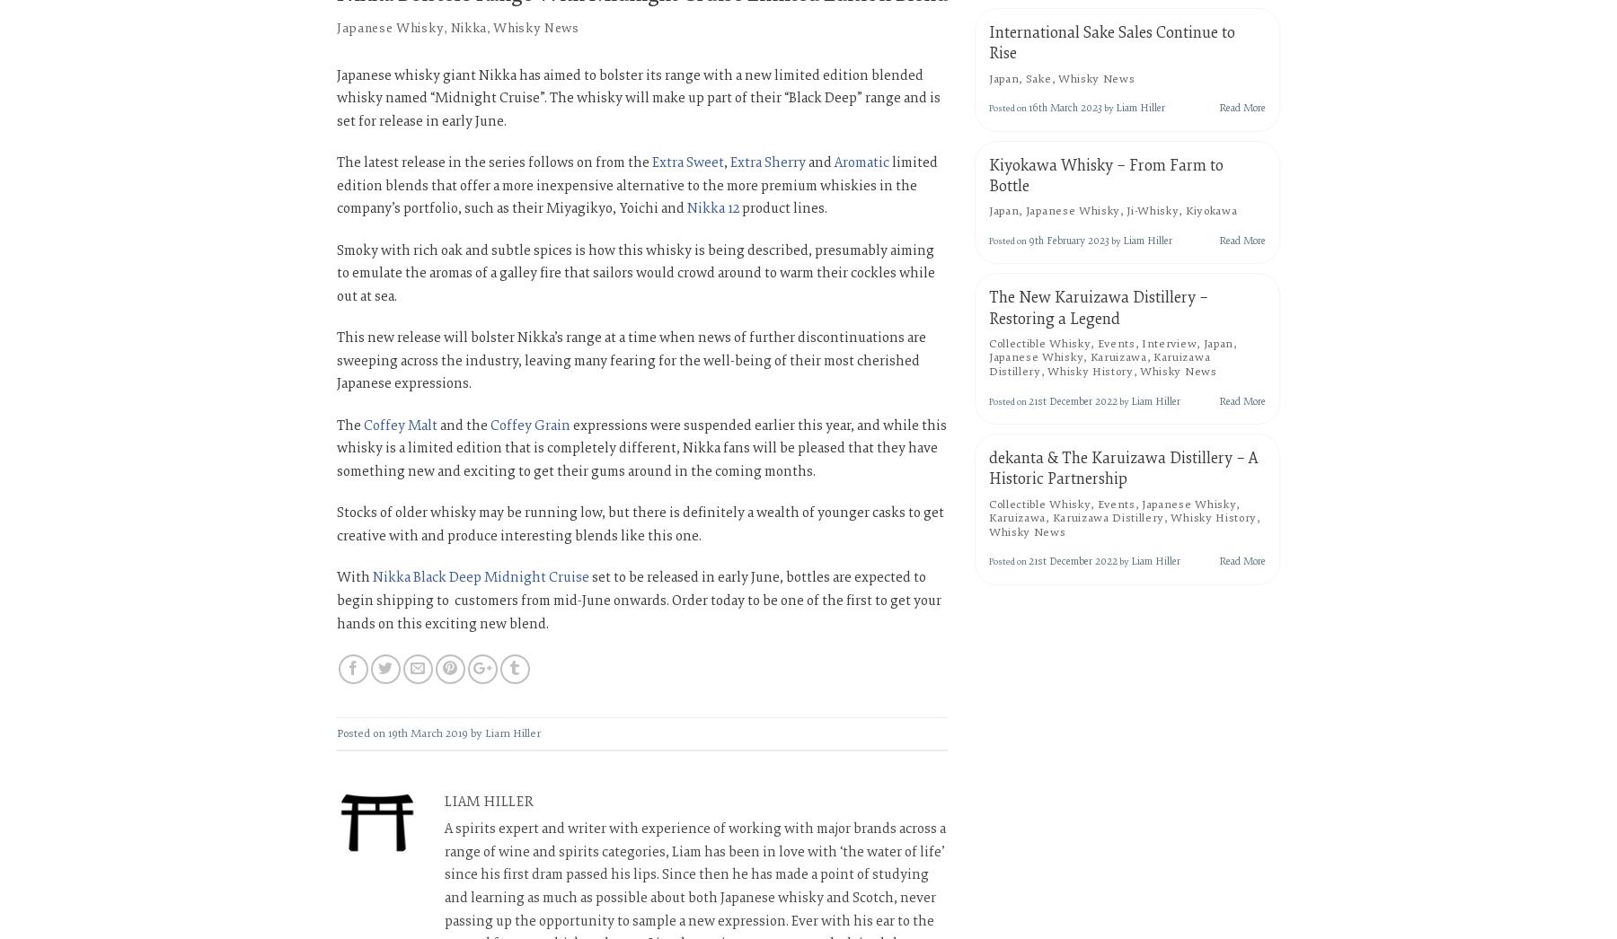  I want to click on 'The', so click(336, 425).